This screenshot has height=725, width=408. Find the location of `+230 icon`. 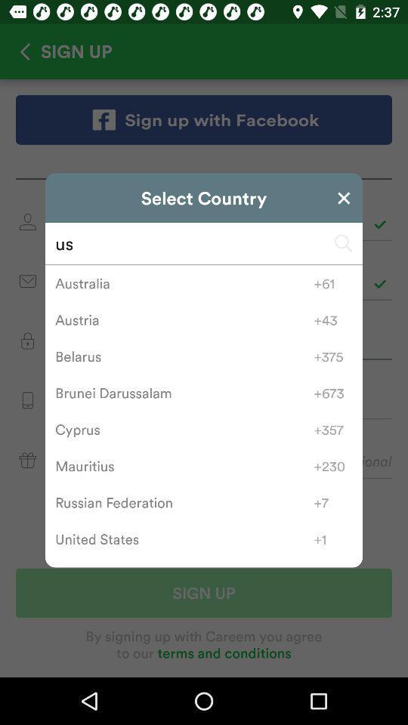

+230 icon is located at coordinates (333, 465).